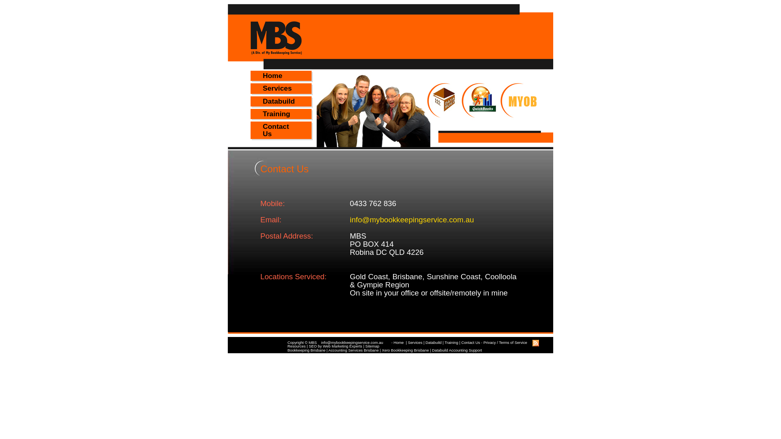  Describe the element at coordinates (406, 350) in the screenshot. I see `'Xero Bookkeeping Brisbane'` at that location.